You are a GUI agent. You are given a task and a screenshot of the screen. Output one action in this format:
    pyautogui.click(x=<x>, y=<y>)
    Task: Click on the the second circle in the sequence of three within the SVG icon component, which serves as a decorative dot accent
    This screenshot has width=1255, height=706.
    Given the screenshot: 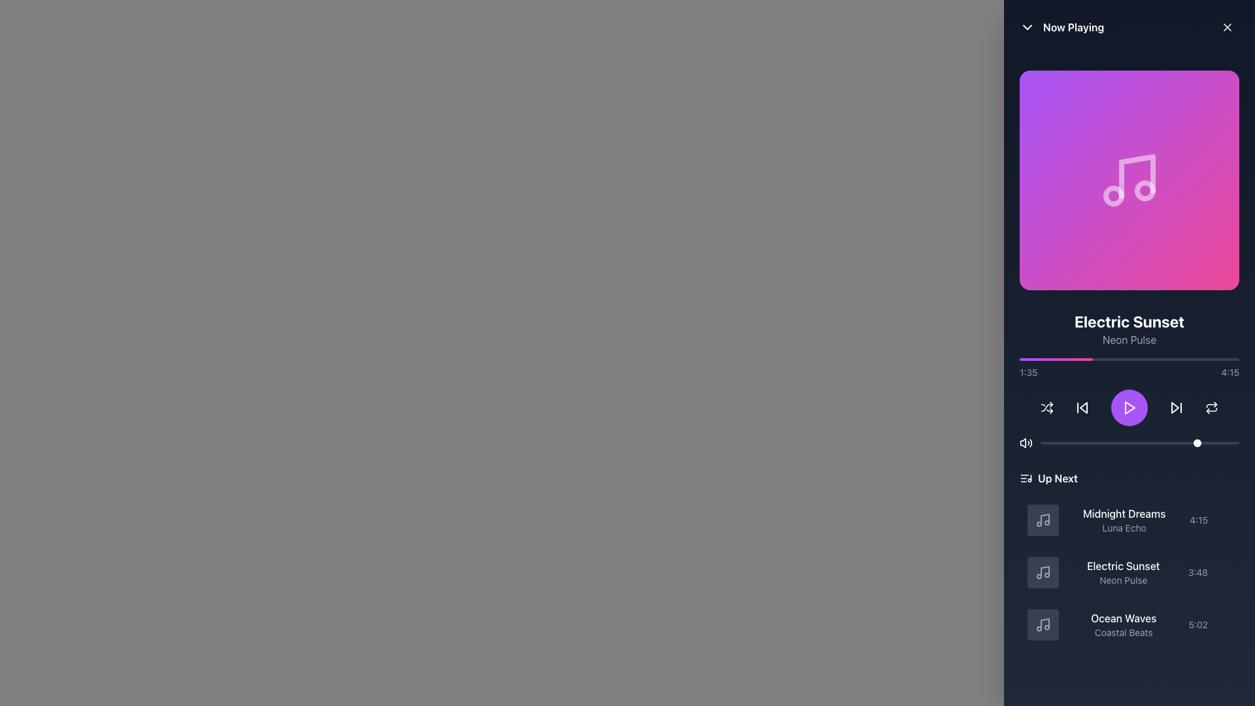 What is the action you would take?
    pyautogui.click(x=1113, y=196)
    